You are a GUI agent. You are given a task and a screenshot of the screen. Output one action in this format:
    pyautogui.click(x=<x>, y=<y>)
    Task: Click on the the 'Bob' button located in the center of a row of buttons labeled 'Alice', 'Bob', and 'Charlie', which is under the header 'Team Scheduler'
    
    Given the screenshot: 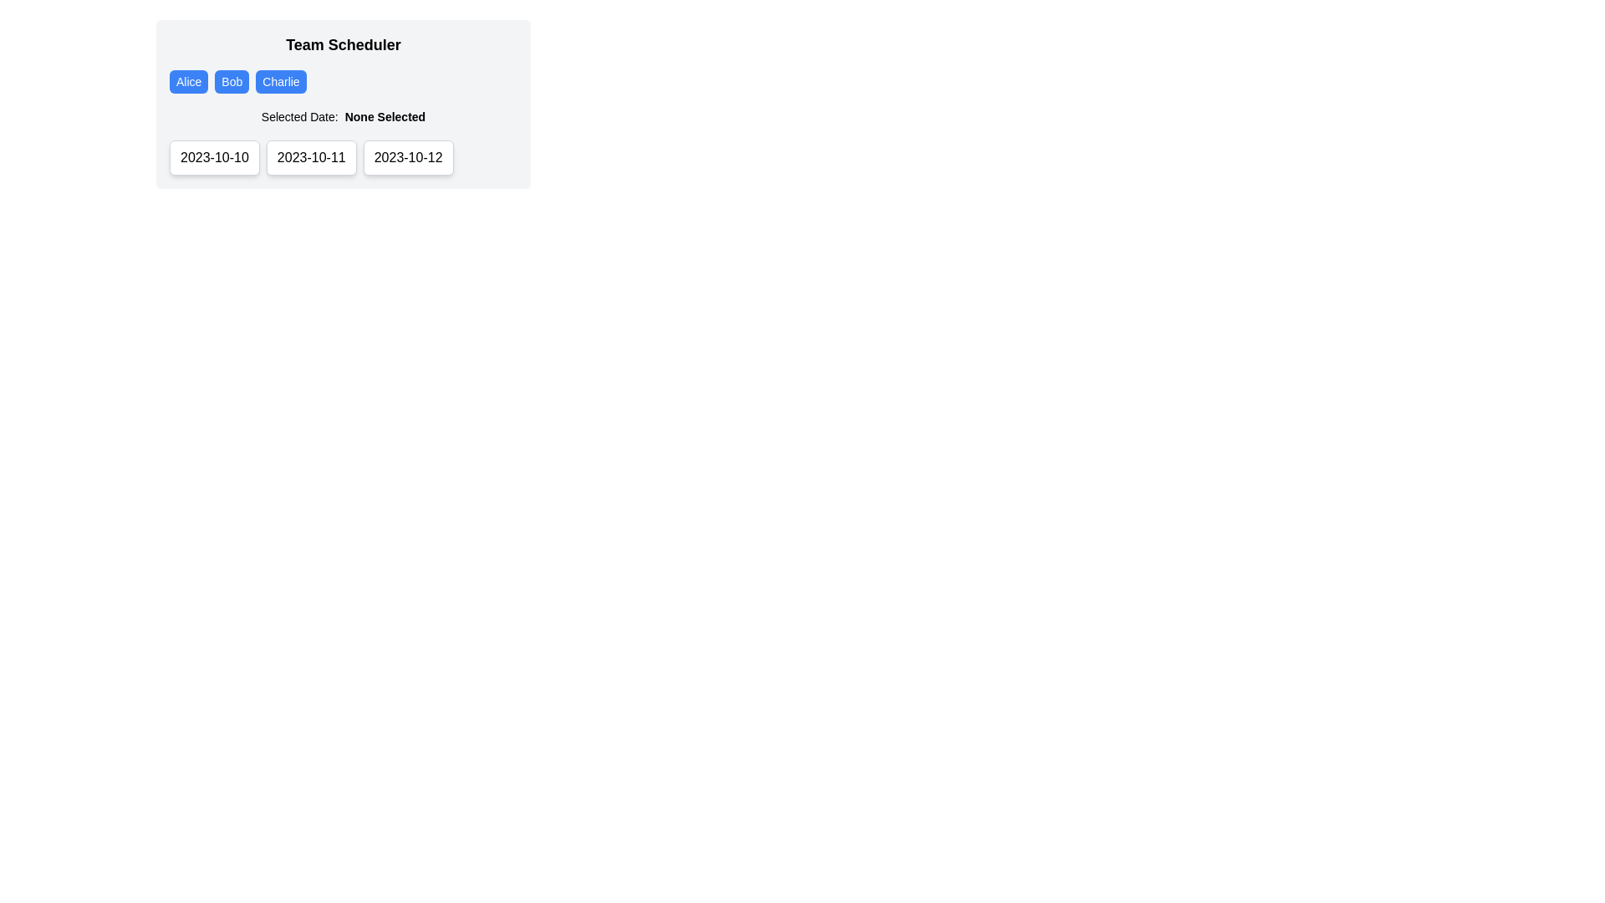 What is the action you would take?
    pyautogui.click(x=231, y=81)
    